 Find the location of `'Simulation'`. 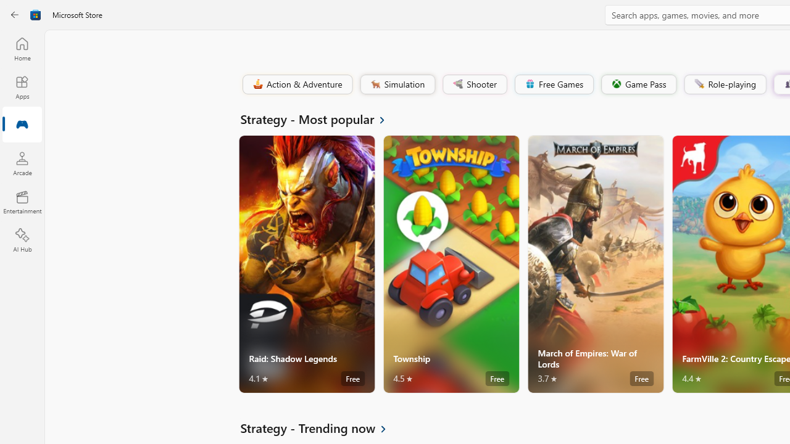

'Simulation' is located at coordinates (397, 83).